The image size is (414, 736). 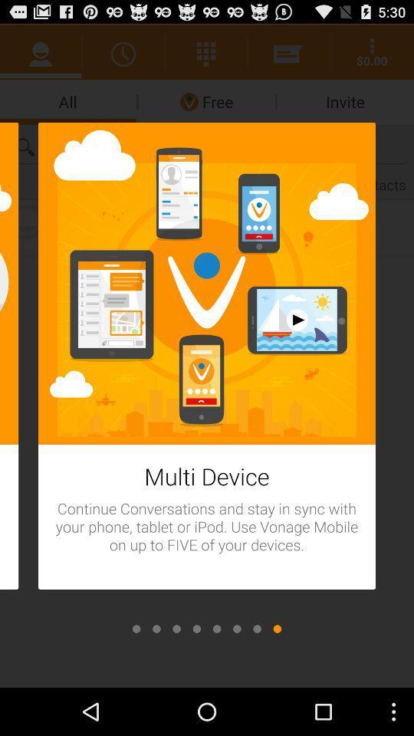 What do you see at coordinates (257, 629) in the screenshot?
I see `image` at bounding box center [257, 629].